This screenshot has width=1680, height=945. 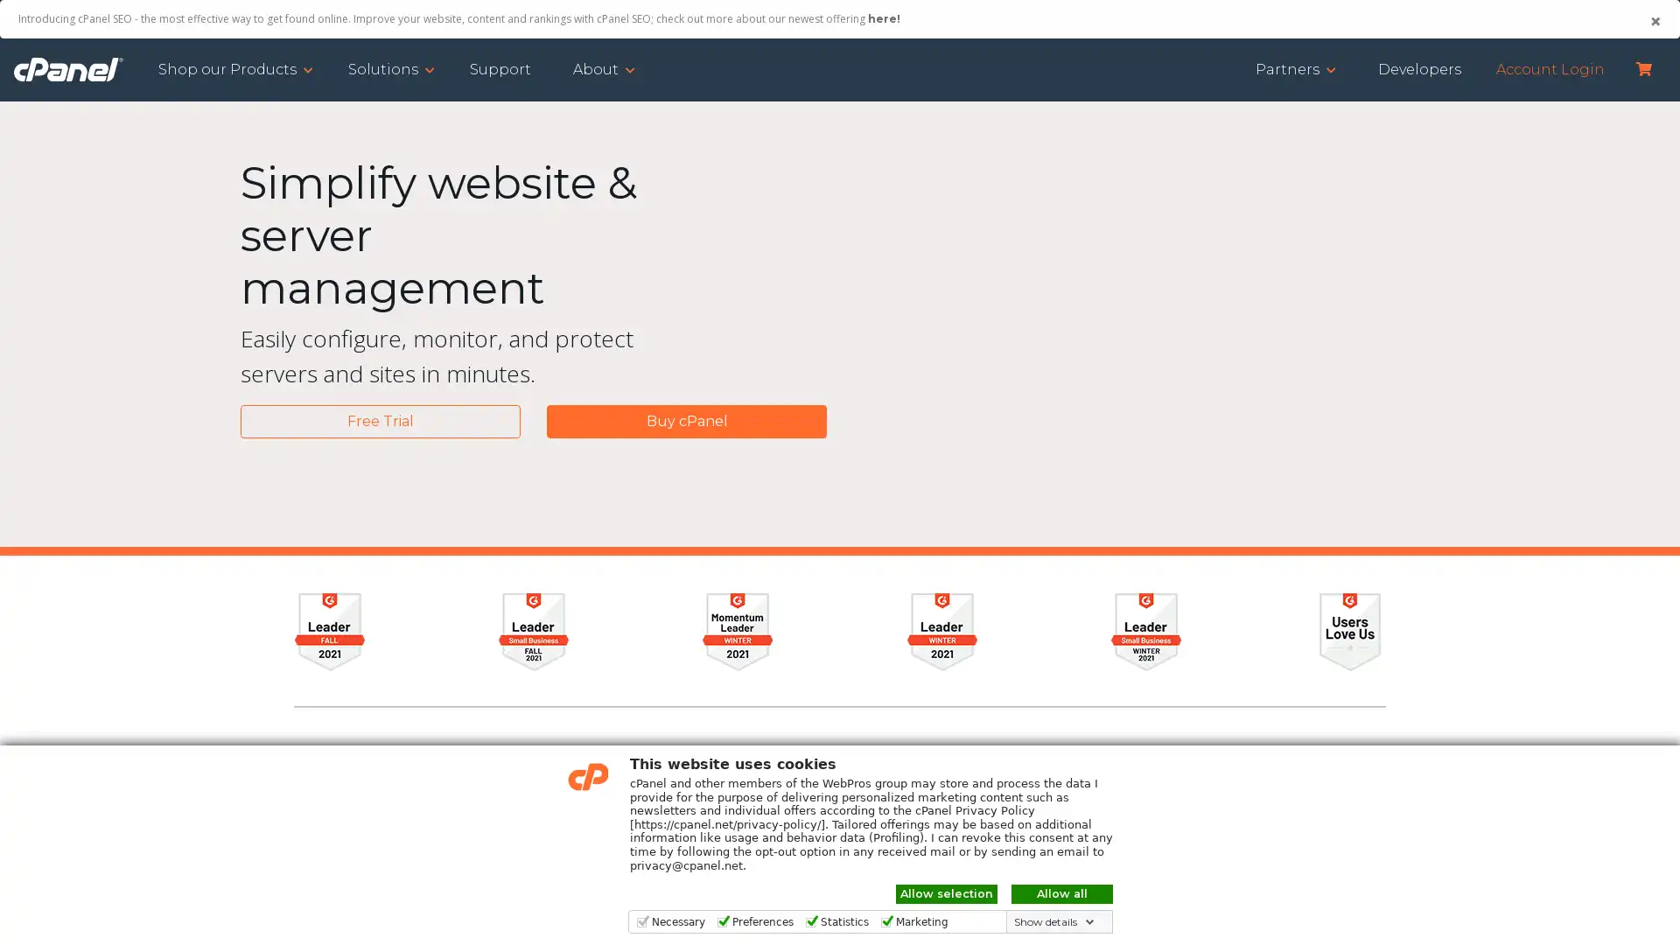 I want to click on Close, so click(x=1654, y=21).